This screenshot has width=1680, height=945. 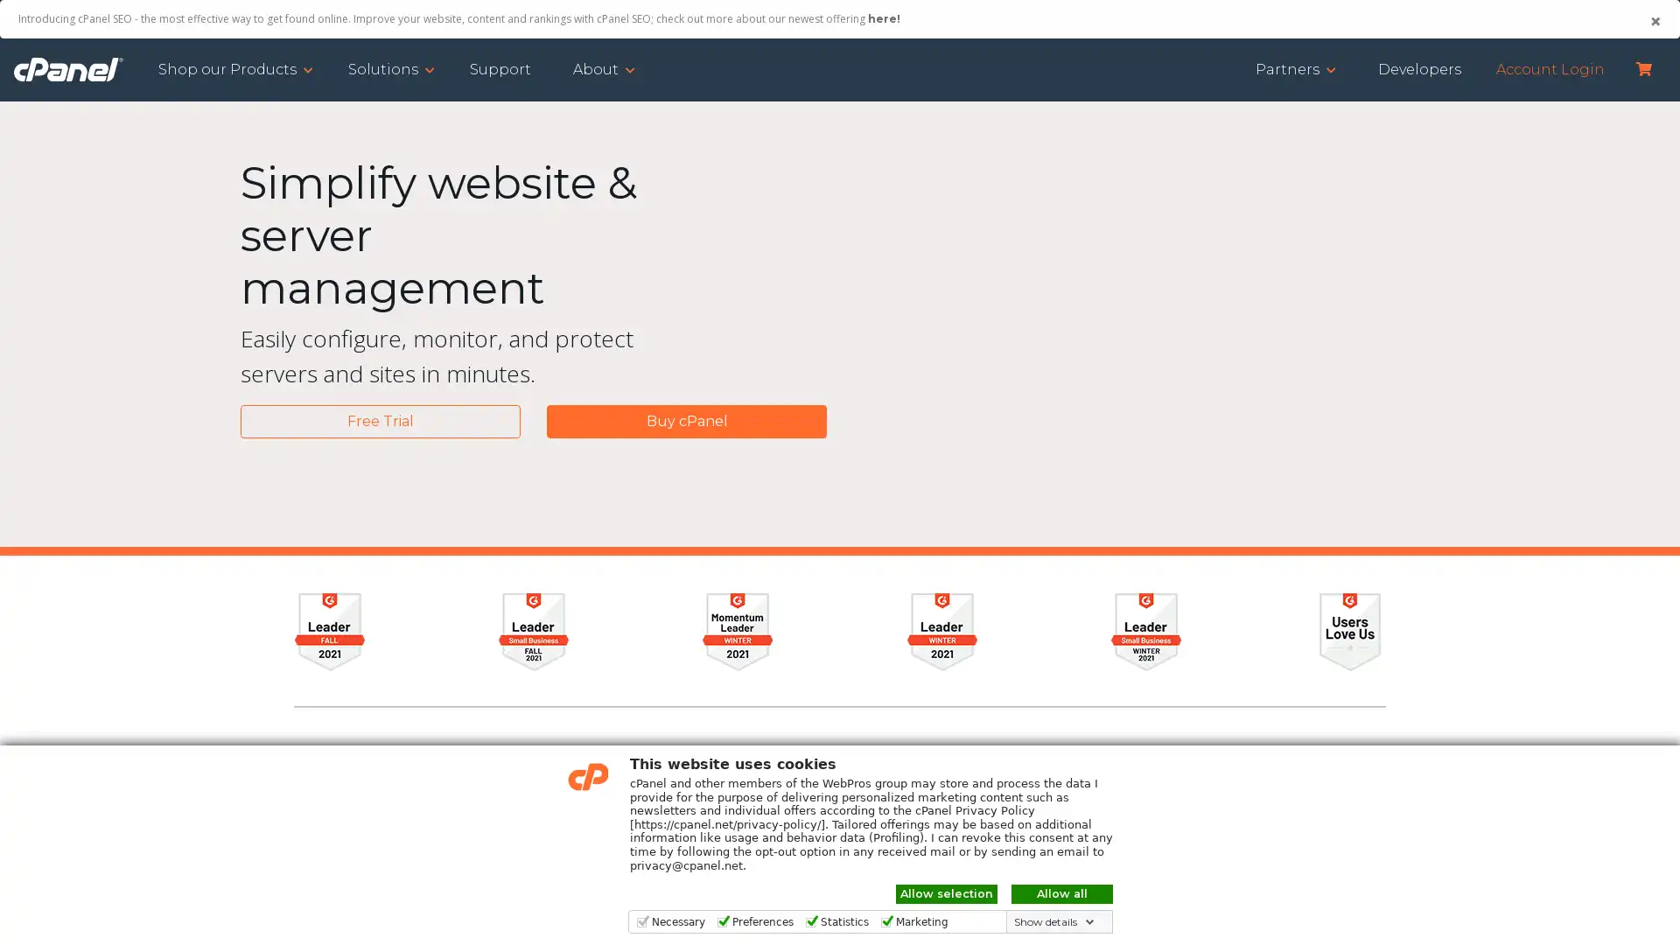 I want to click on Close, so click(x=1654, y=21).